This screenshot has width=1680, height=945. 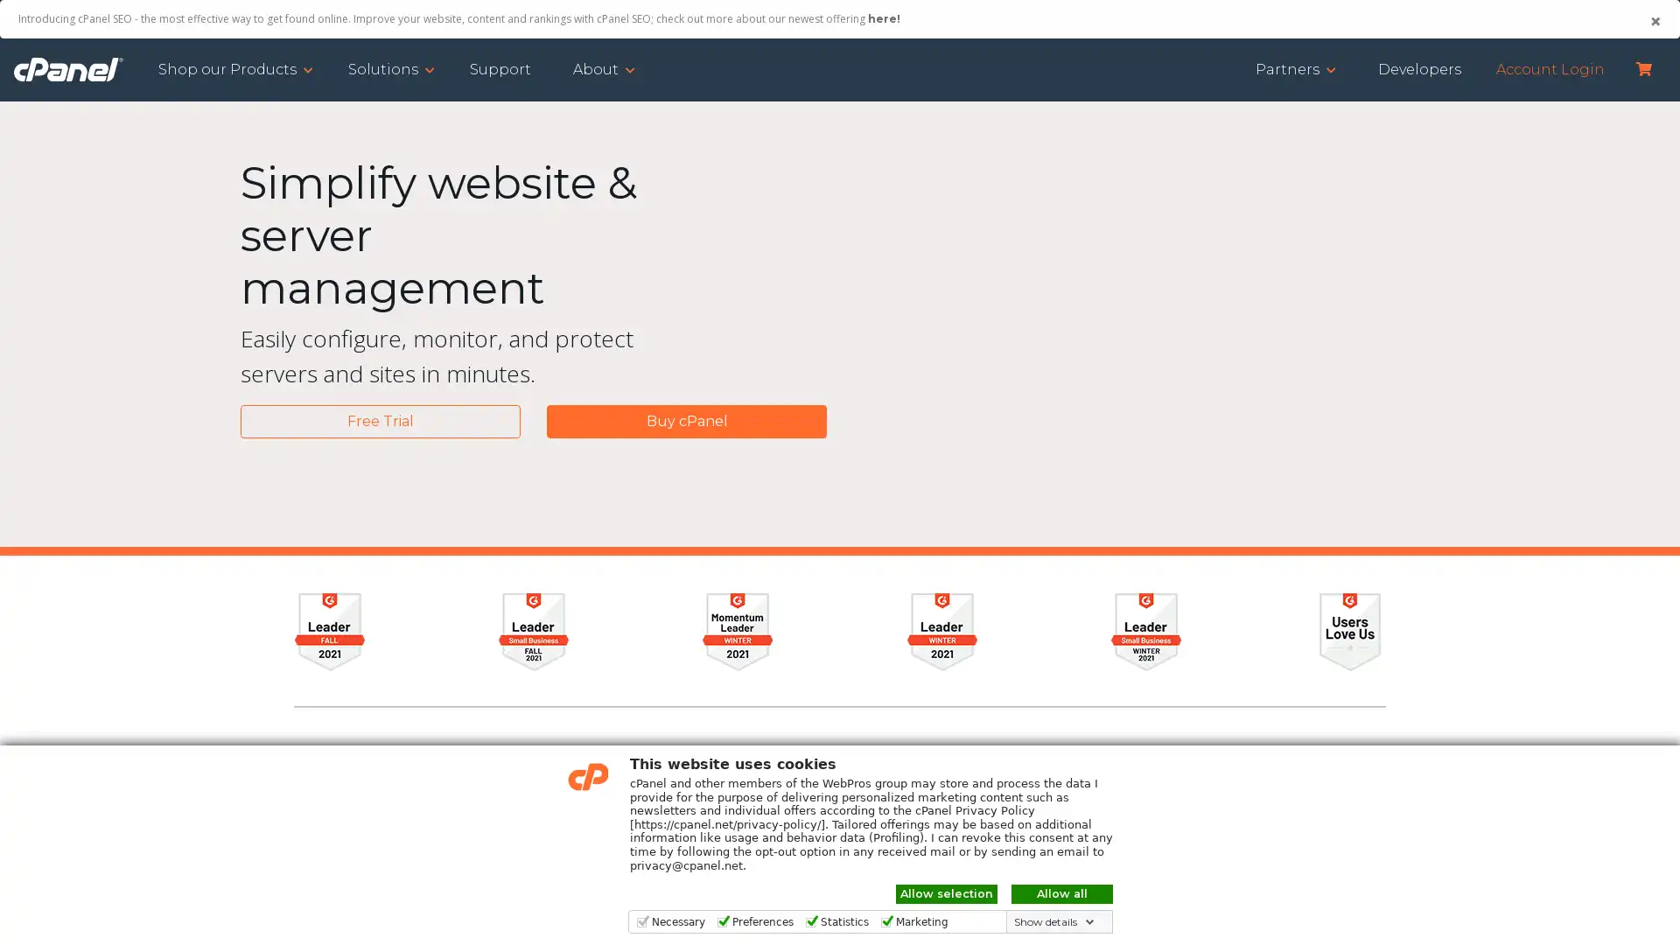 I want to click on Close, so click(x=1654, y=21).